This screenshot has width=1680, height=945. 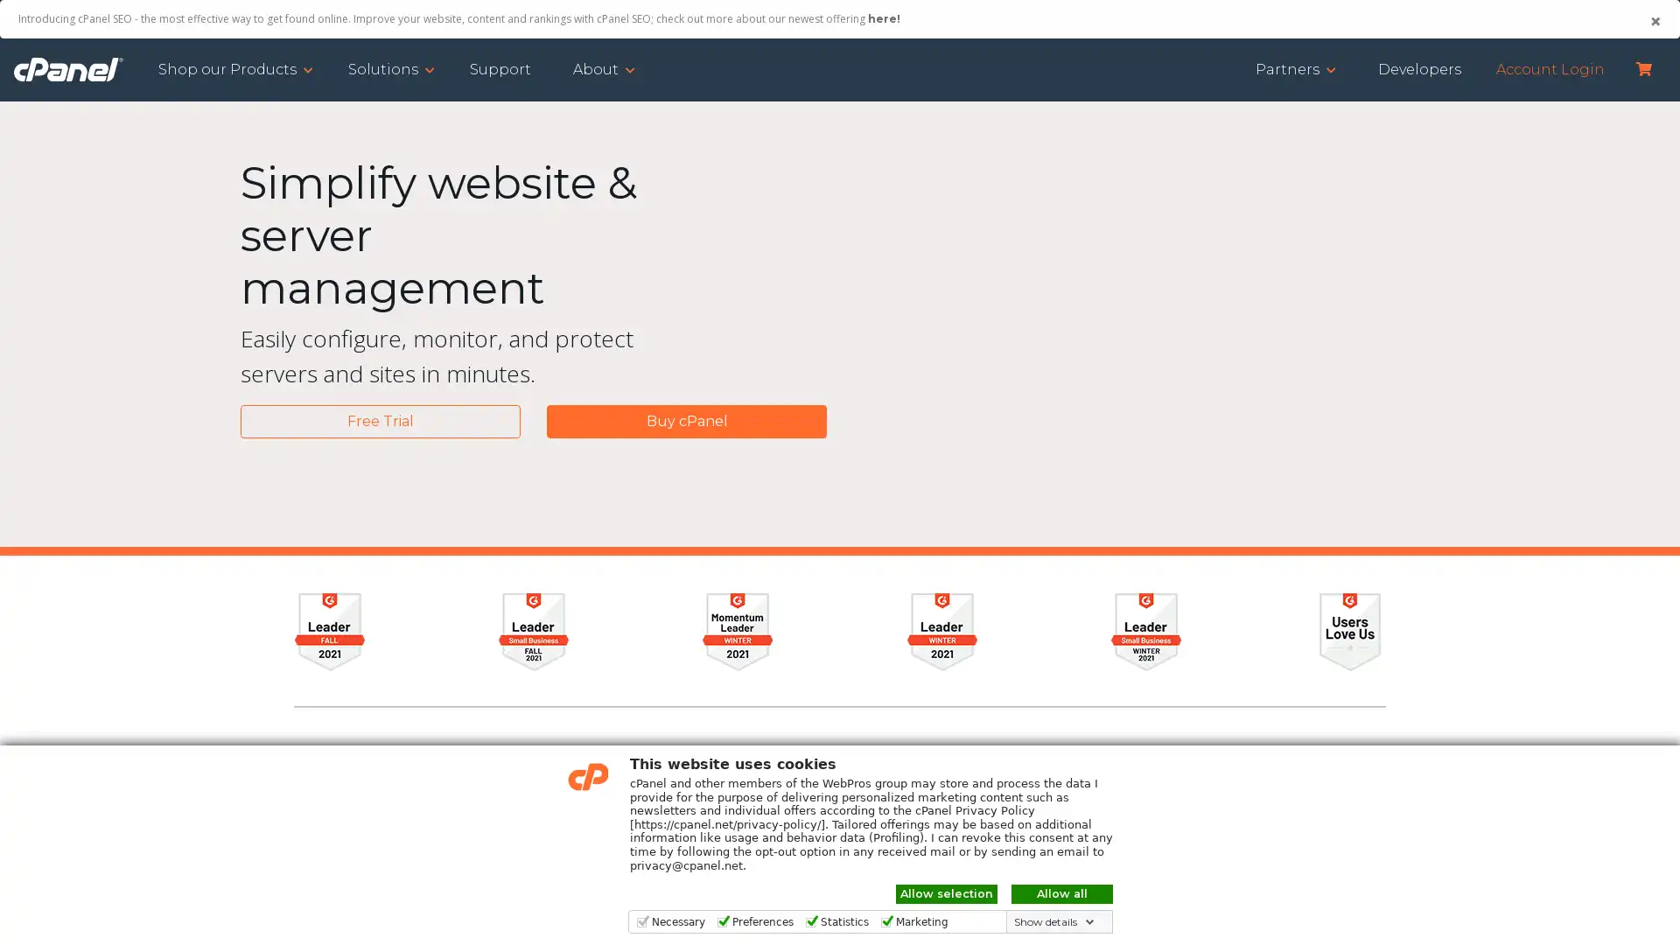 I want to click on Close, so click(x=1654, y=21).